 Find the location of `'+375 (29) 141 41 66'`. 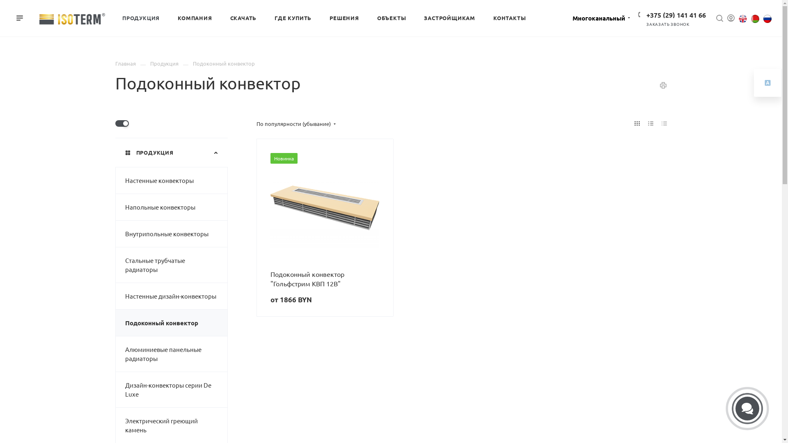

'+375 (29) 141 41 66' is located at coordinates (676, 15).